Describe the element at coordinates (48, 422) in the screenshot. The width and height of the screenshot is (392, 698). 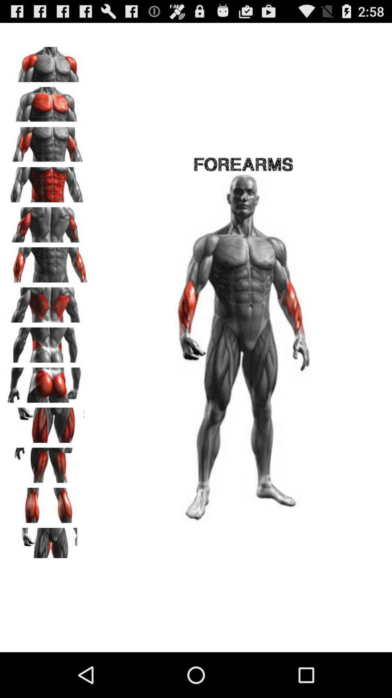
I see `tap to chose picture` at that location.